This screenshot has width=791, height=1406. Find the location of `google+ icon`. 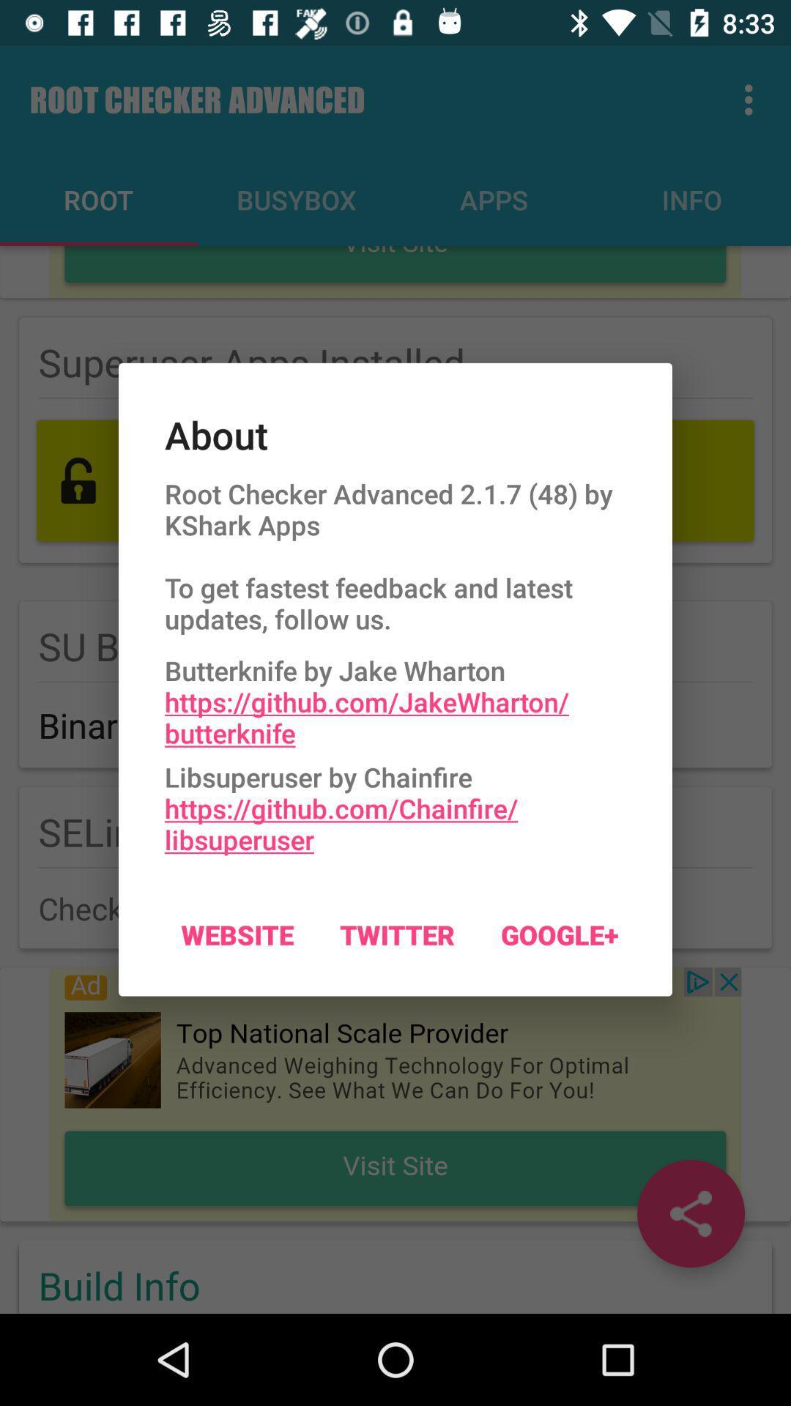

google+ icon is located at coordinates (560, 934).